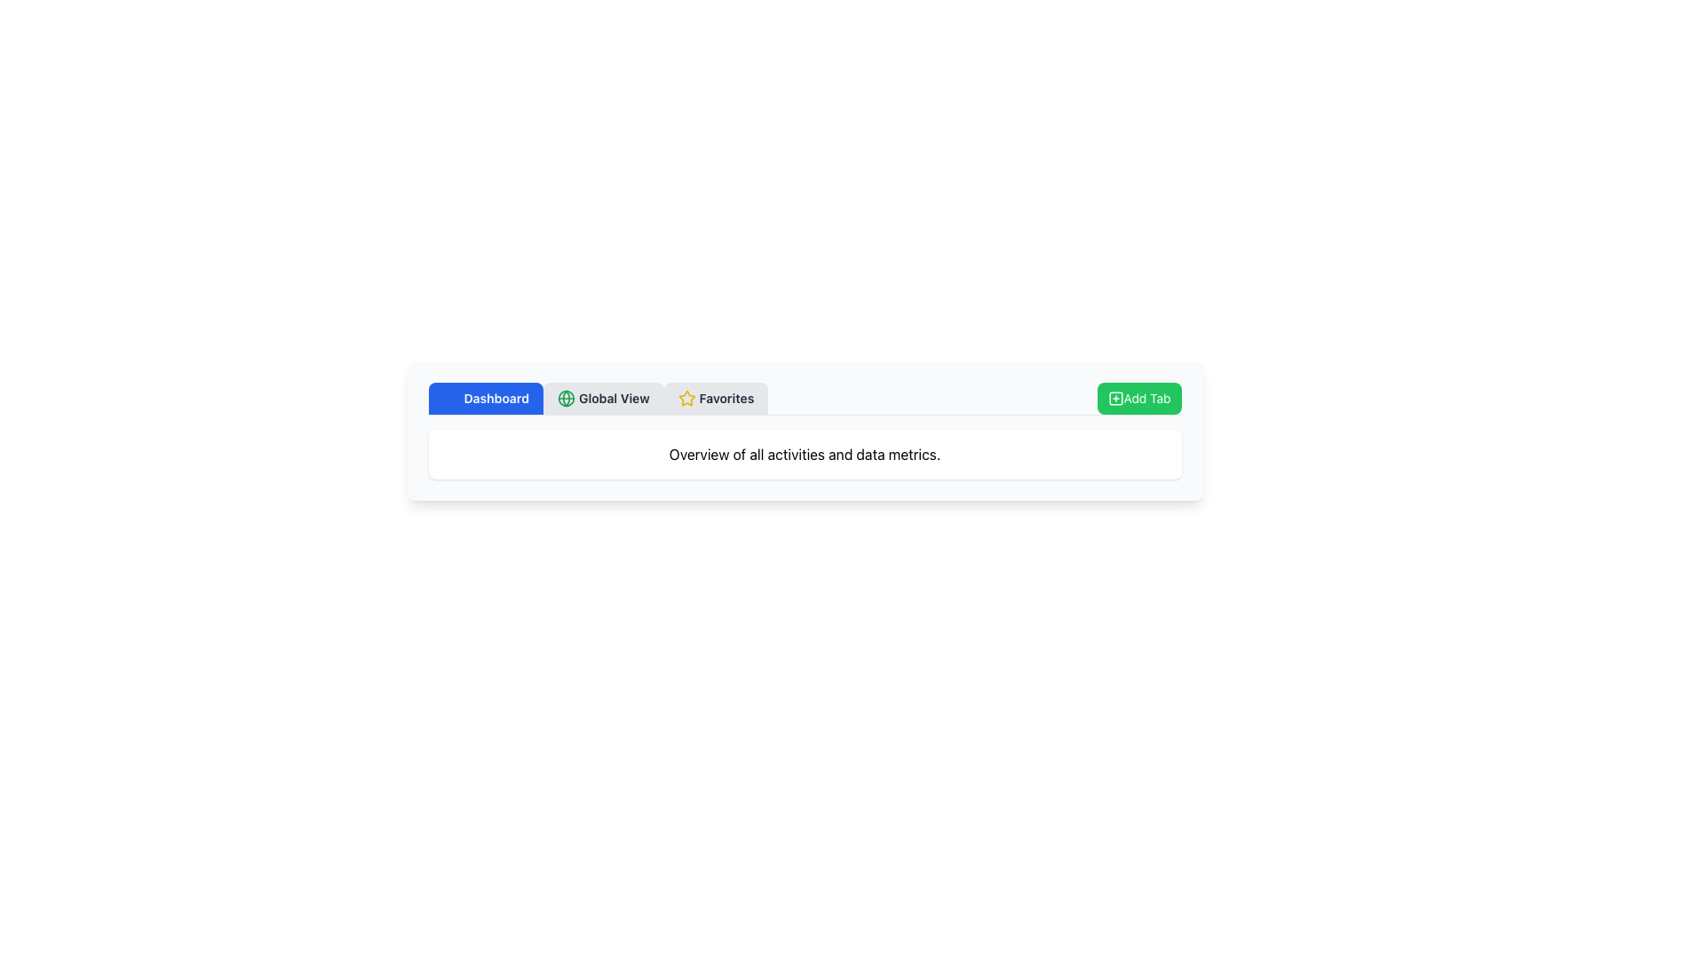 Image resolution: width=1705 pixels, height=959 pixels. Describe the element at coordinates (496, 397) in the screenshot. I see `the 'Dashboard' text label, which is displayed in bold white text on a blue background, located in the upper-left segment of the horizontal navigation bar` at that location.